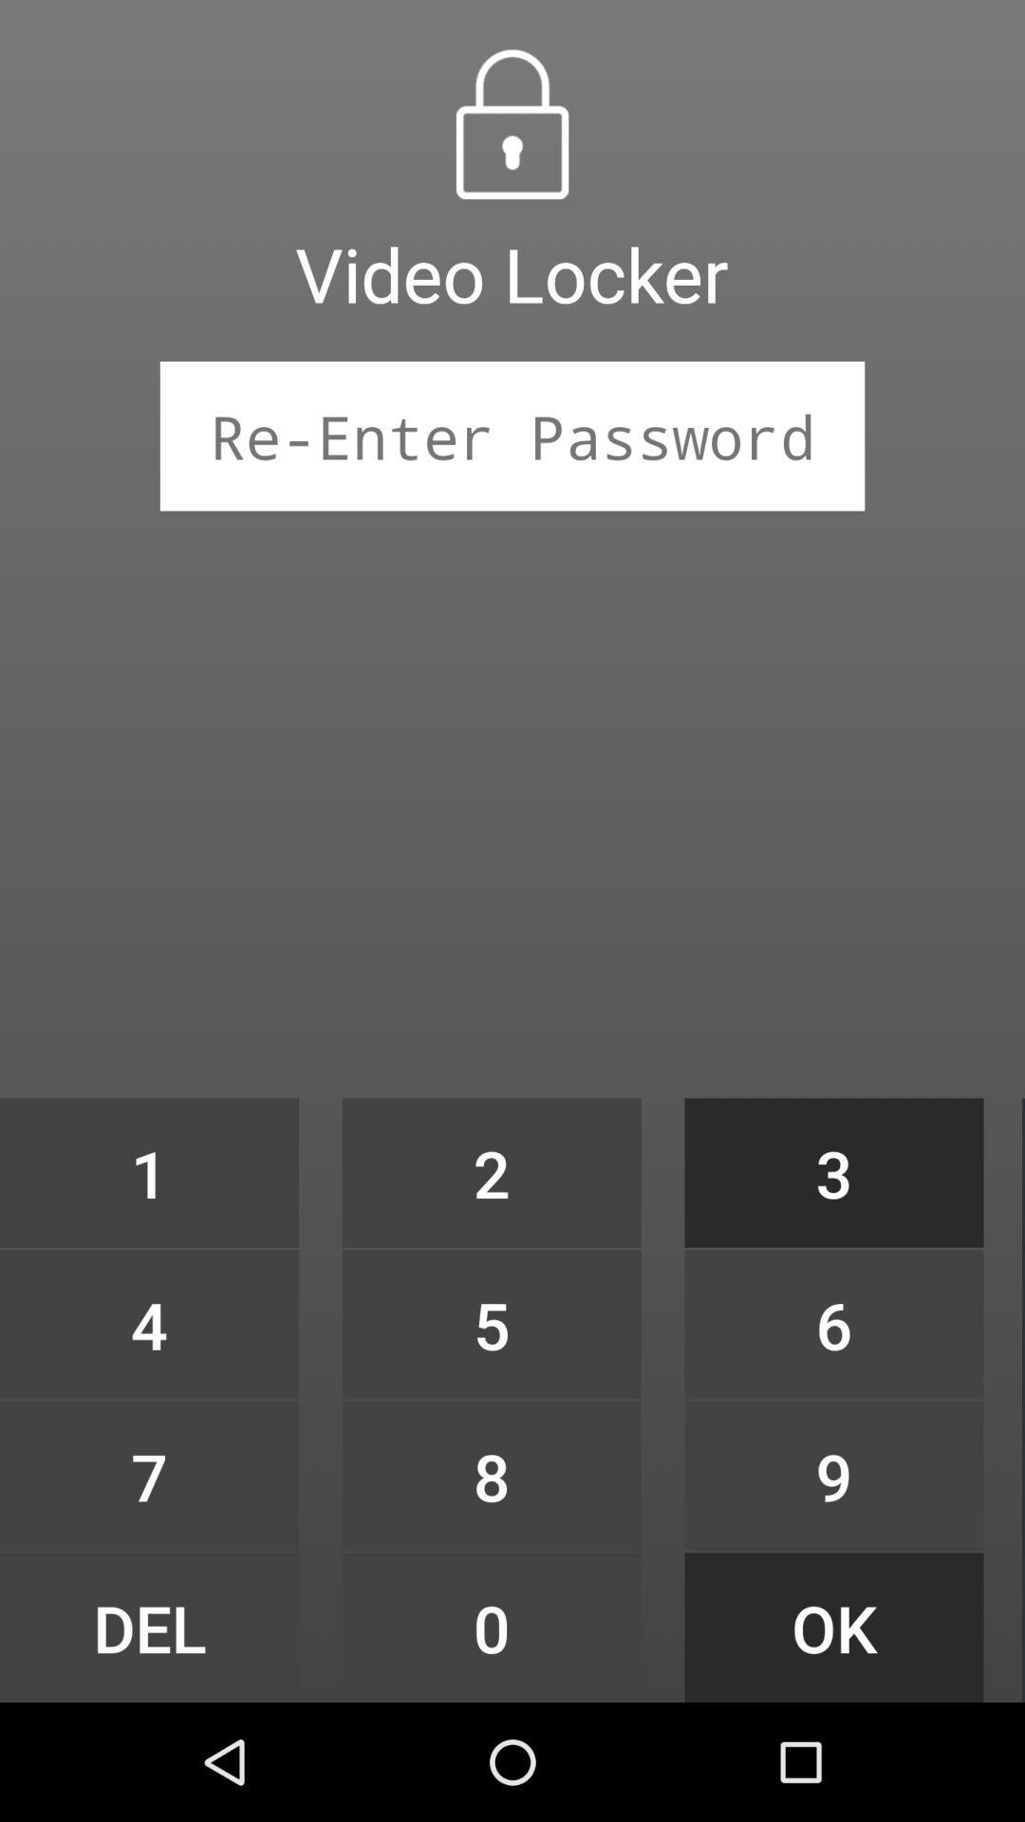 The height and width of the screenshot is (1822, 1025). I want to click on the icon to the left of 2 icon, so click(148, 1323).